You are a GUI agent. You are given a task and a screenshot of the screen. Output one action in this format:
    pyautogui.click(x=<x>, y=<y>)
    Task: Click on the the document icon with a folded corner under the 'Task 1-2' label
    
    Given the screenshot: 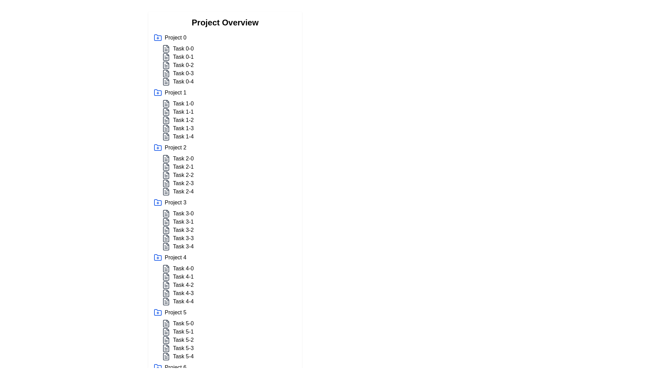 What is the action you would take?
    pyautogui.click(x=166, y=120)
    